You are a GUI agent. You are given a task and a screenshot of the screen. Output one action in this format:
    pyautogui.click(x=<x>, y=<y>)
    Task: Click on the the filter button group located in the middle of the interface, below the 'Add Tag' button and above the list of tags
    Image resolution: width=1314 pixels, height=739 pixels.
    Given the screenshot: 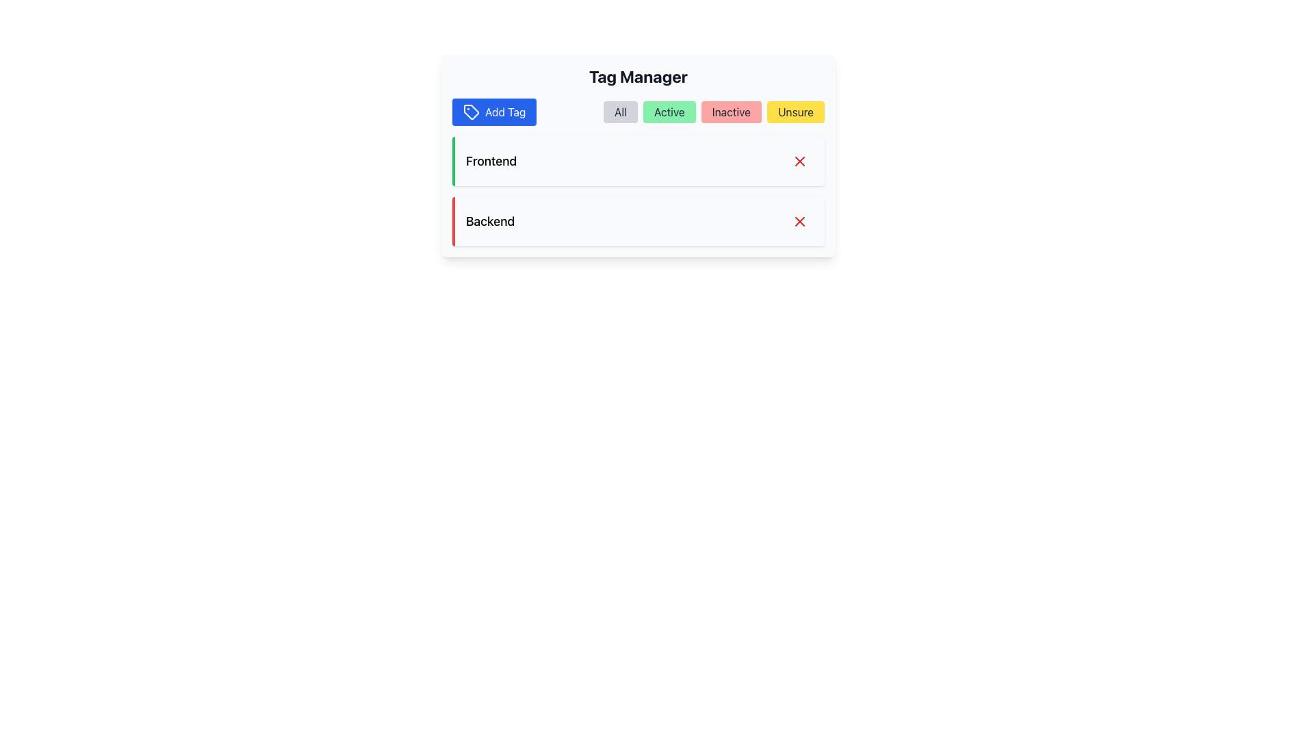 What is the action you would take?
    pyautogui.click(x=713, y=112)
    